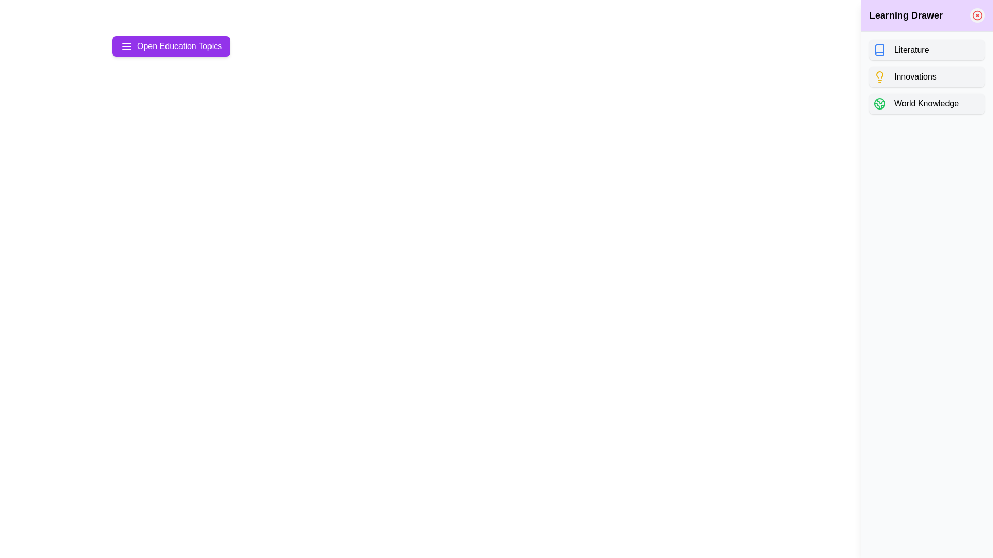 This screenshot has height=558, width=993. I want to click on the button corresponding to the topic World Knowledge inside the drawer, so click(927, 103).